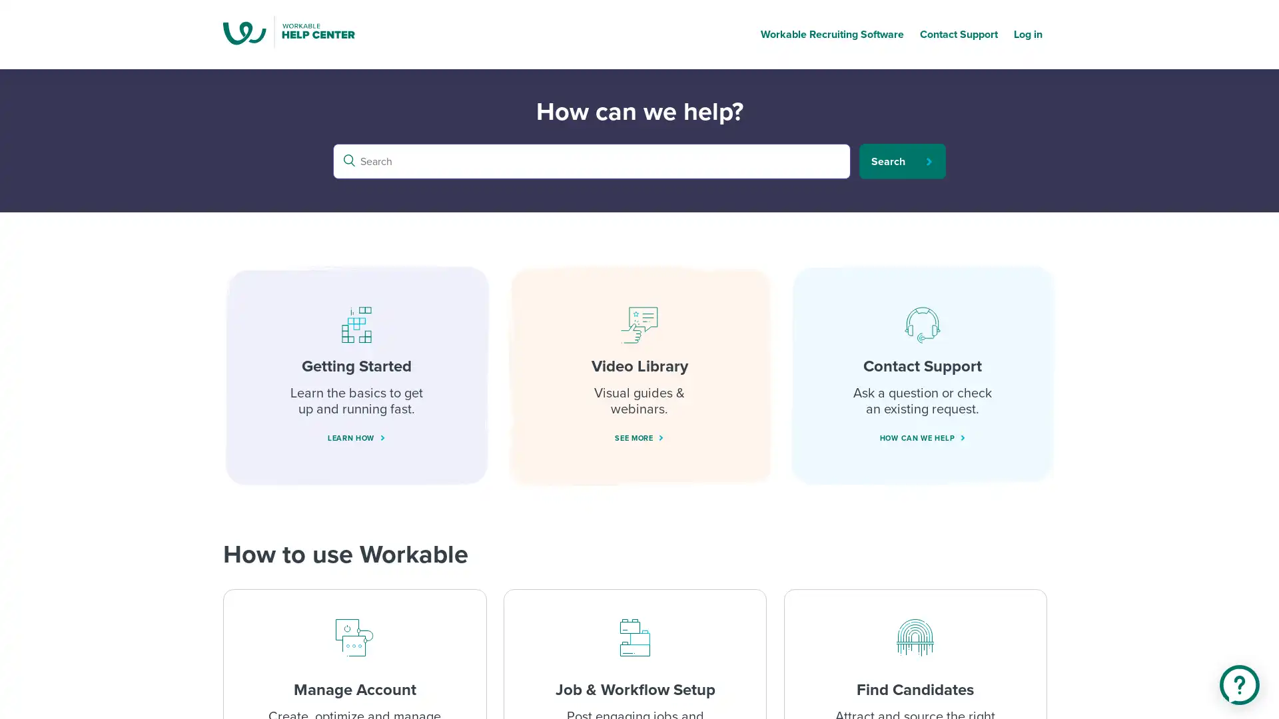 The height and width of the screenshot is (719, 1279). Describe the element at coordinates (1034, 33) in the screenshot. I see `Log in` at that location.